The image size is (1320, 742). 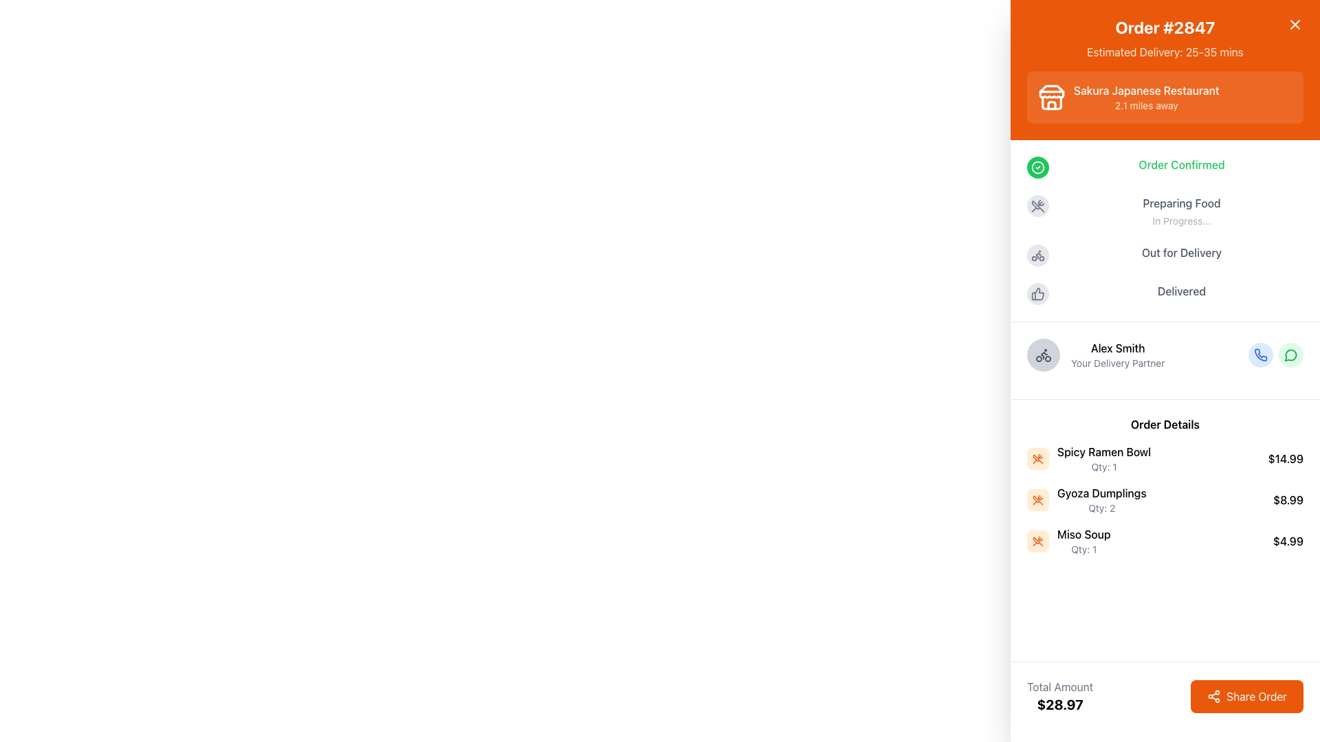 I want to click on the text label for 'Miso Soup' in the Order Details section, which is aligned with the quantity and price of the item, so click(x=1083, y=534).